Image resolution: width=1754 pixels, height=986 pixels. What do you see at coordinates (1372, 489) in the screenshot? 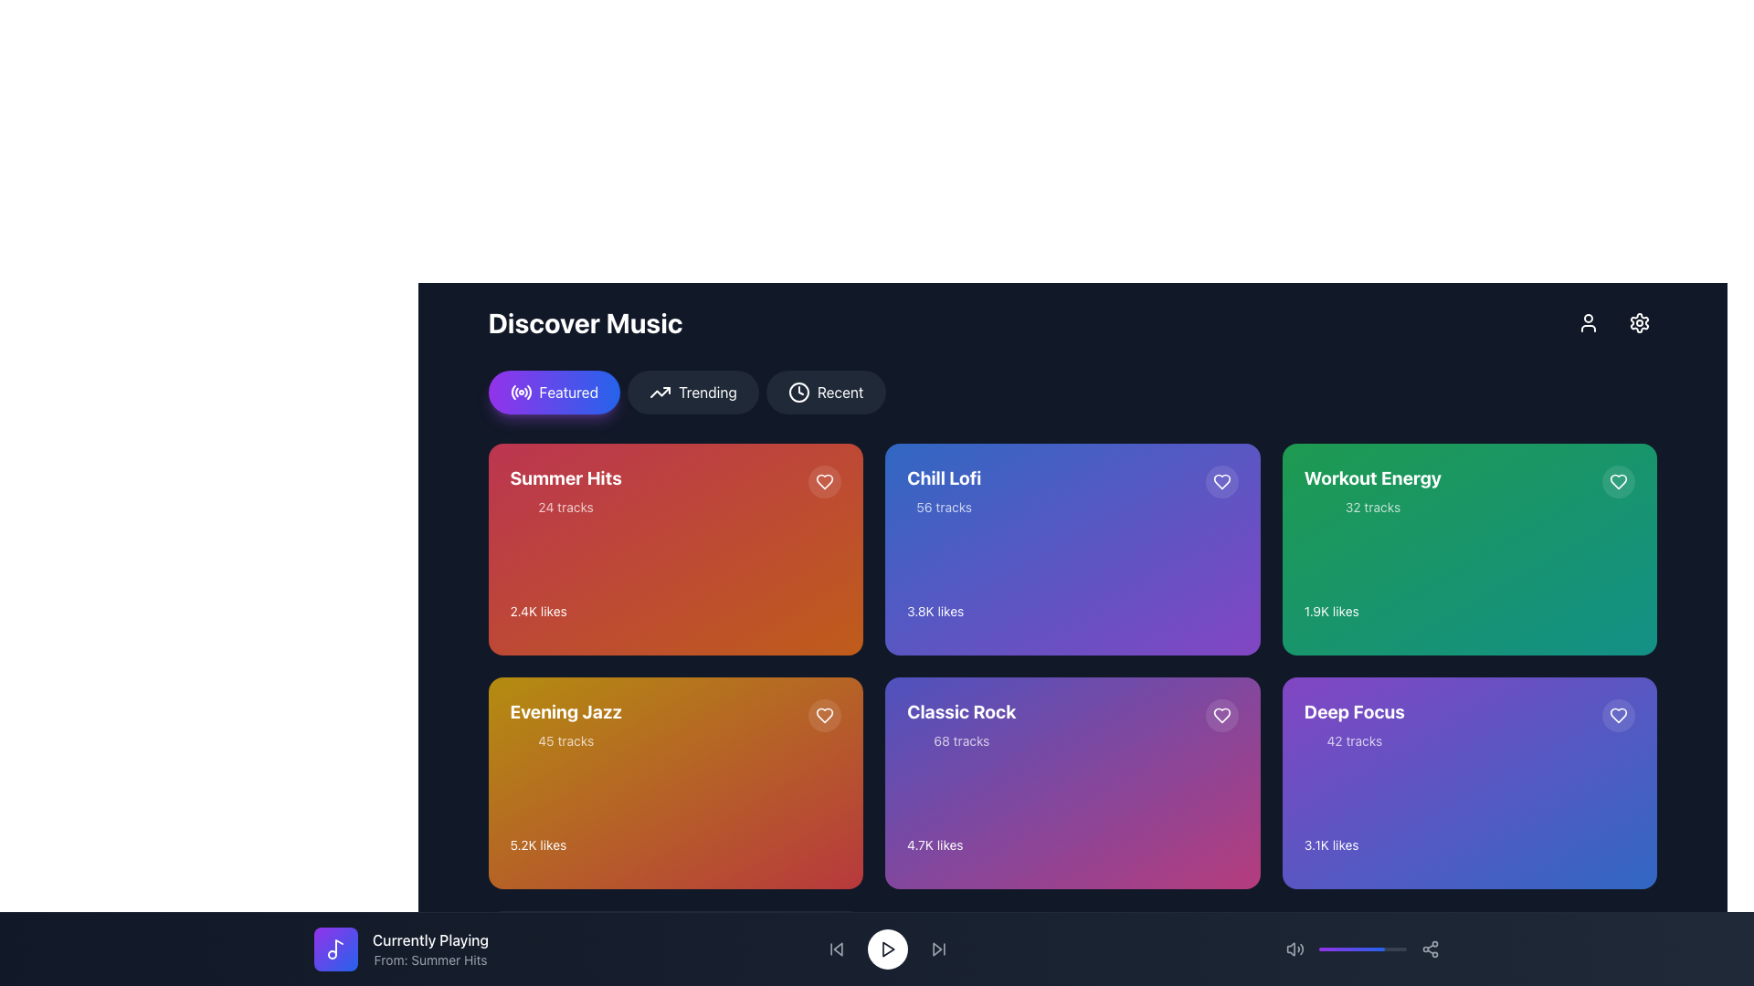
I see `text of the 'Workout Energy' playlist description located in the top right corner of a green-colored card, positioned below a bold header and above the '1.9K likes' section` at bounding box center [1372, 489].